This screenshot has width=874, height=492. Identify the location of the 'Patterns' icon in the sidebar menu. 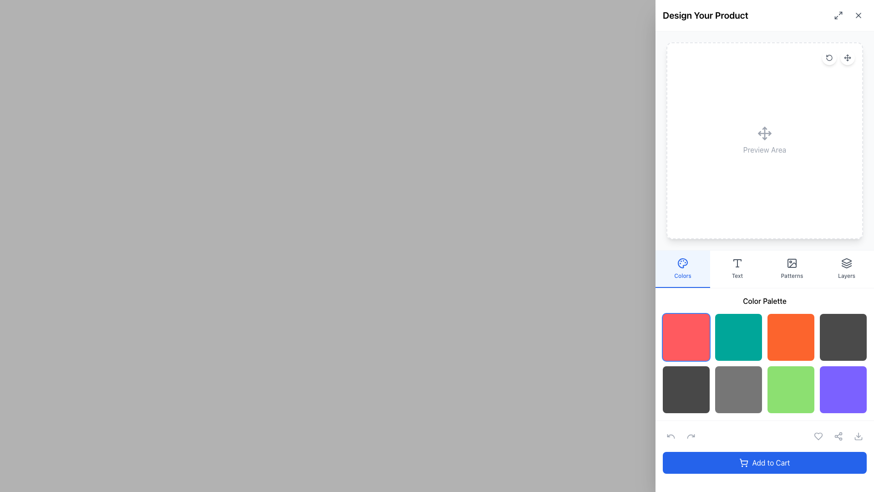
(791, 263).